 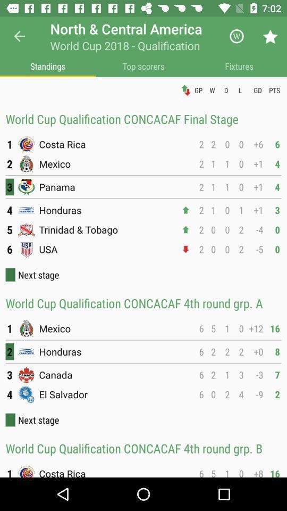 I want to click on app next to the top scorers icon, so click(x=47, y=65).